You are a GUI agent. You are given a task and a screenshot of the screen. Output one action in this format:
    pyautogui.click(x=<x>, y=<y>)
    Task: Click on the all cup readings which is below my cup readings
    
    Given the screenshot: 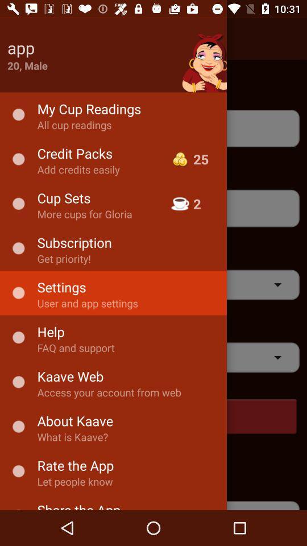 What is the action you would take?
    pyautogui.click(x=153, y=128)
    